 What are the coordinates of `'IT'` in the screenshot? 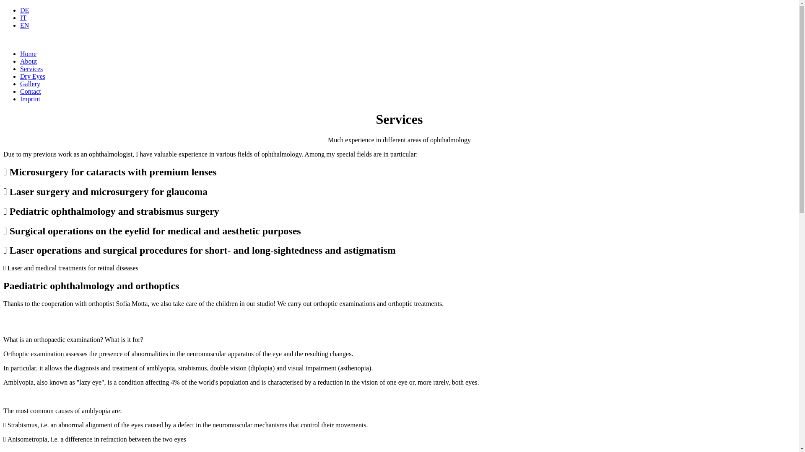 It's located at (23, 18).